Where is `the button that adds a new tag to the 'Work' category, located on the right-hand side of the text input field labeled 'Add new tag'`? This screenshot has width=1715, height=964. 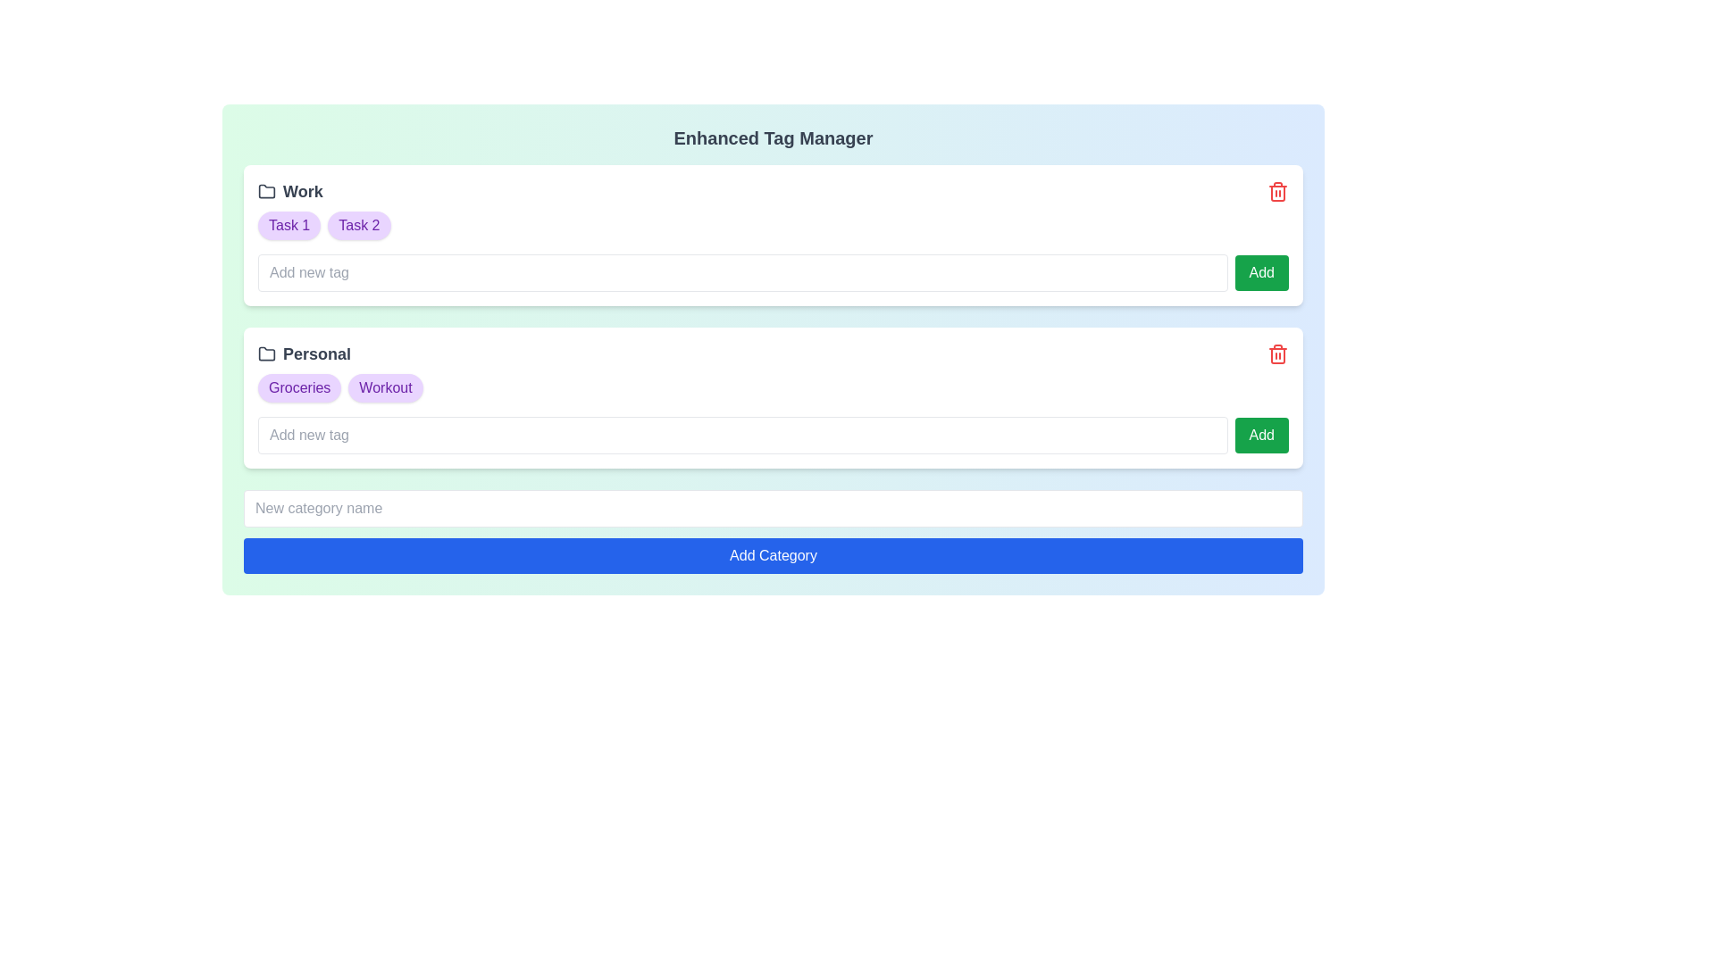 the button that adds a new tag to the 'Work' category, located on the right-hand side of the text input field labeled 'Add new tag' is located at coordinates (1260, 272).